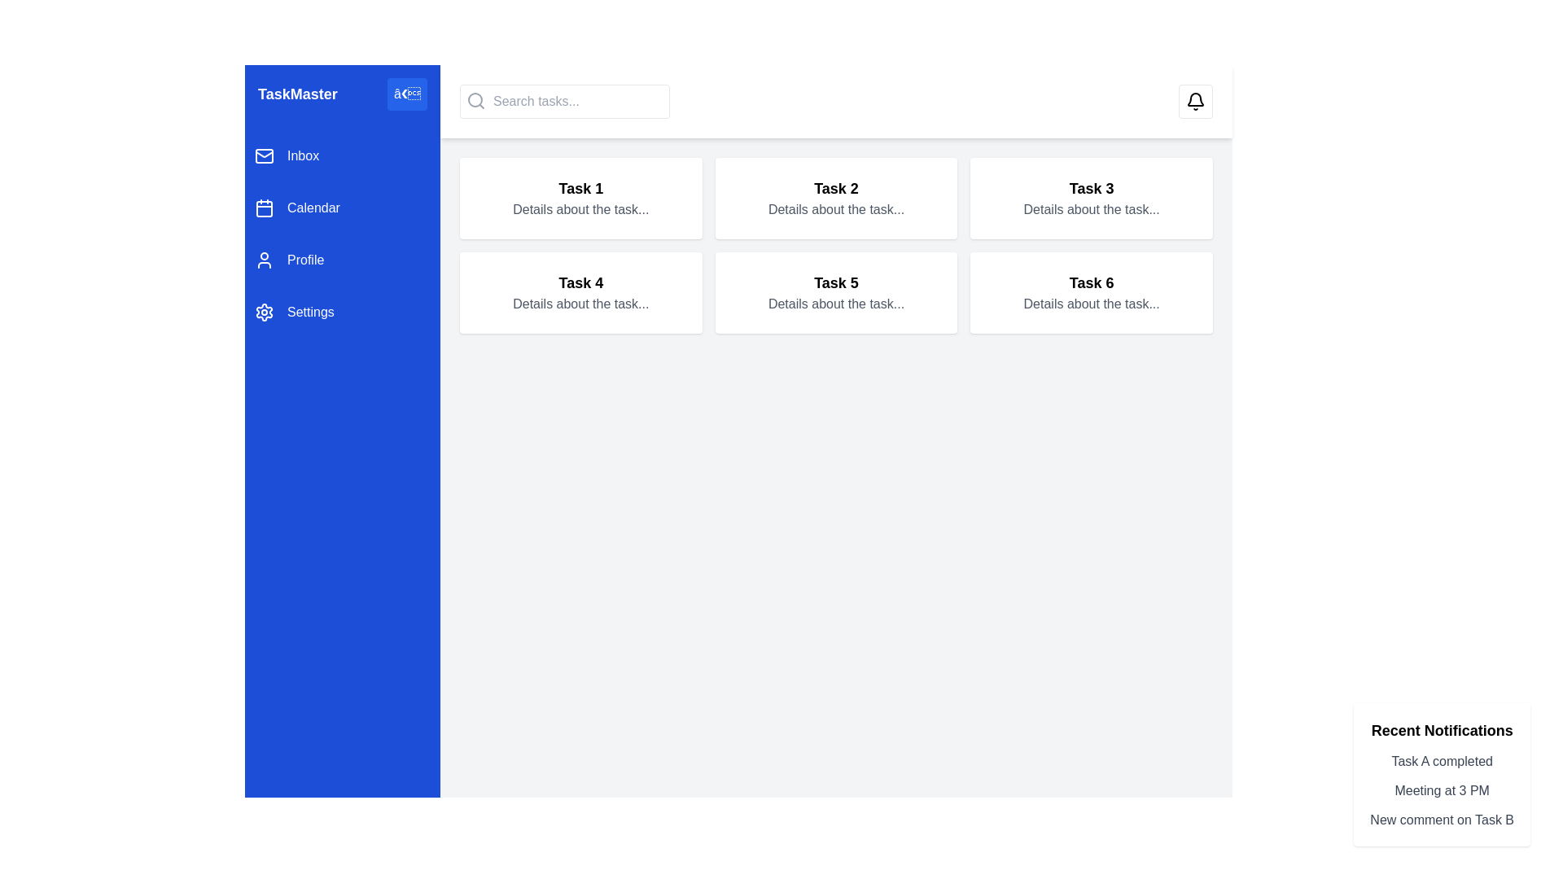 This screenshot has height=879, width=1563. What do you see at coordinates (1195, 101) in the screenshot?
I see `the bell-shaped notification icon button located at the top-right corner of the task management application's header` at bounding box center [1195, 101].